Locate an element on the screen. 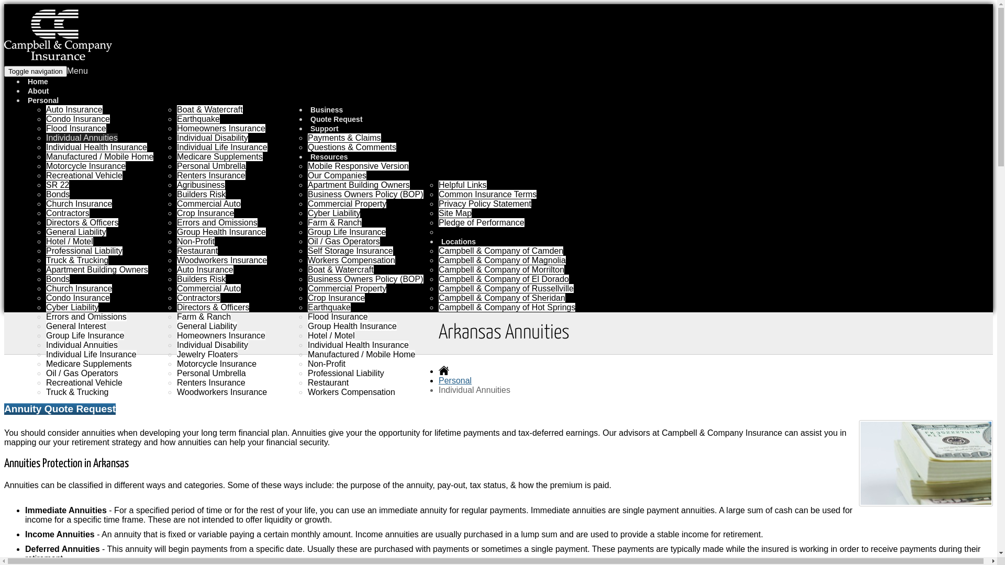  'Earthquake' is located at coordinates (198, 118).